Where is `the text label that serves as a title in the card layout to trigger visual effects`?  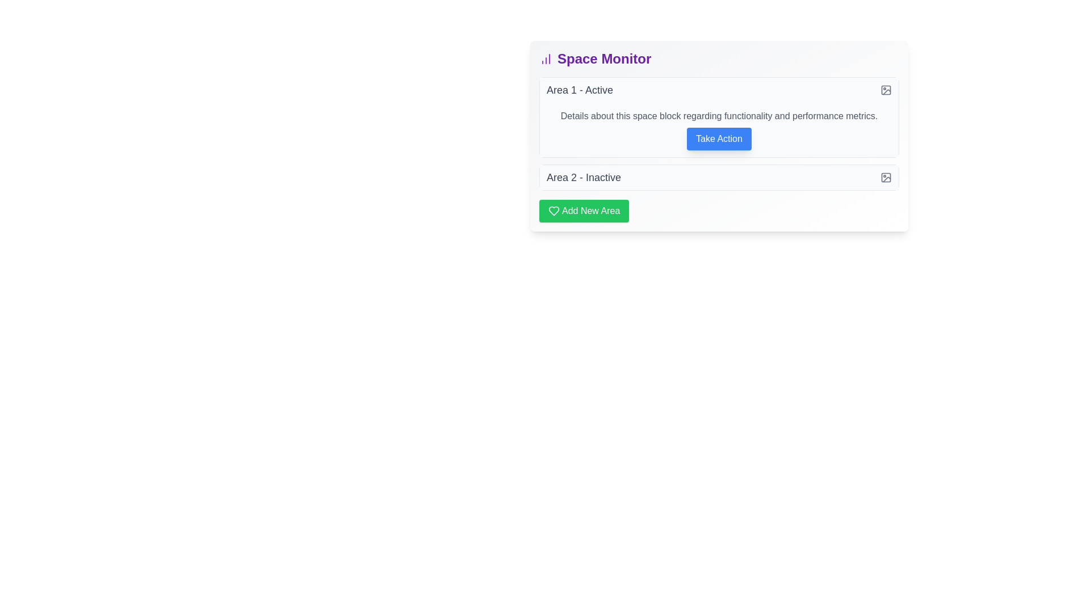 the text label that serves as a title in the card layout to trigger visual effects is located at coordinates (603, 59).